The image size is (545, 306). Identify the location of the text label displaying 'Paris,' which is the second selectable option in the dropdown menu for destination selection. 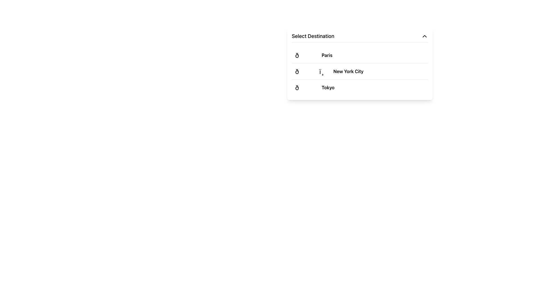
(327, 55).